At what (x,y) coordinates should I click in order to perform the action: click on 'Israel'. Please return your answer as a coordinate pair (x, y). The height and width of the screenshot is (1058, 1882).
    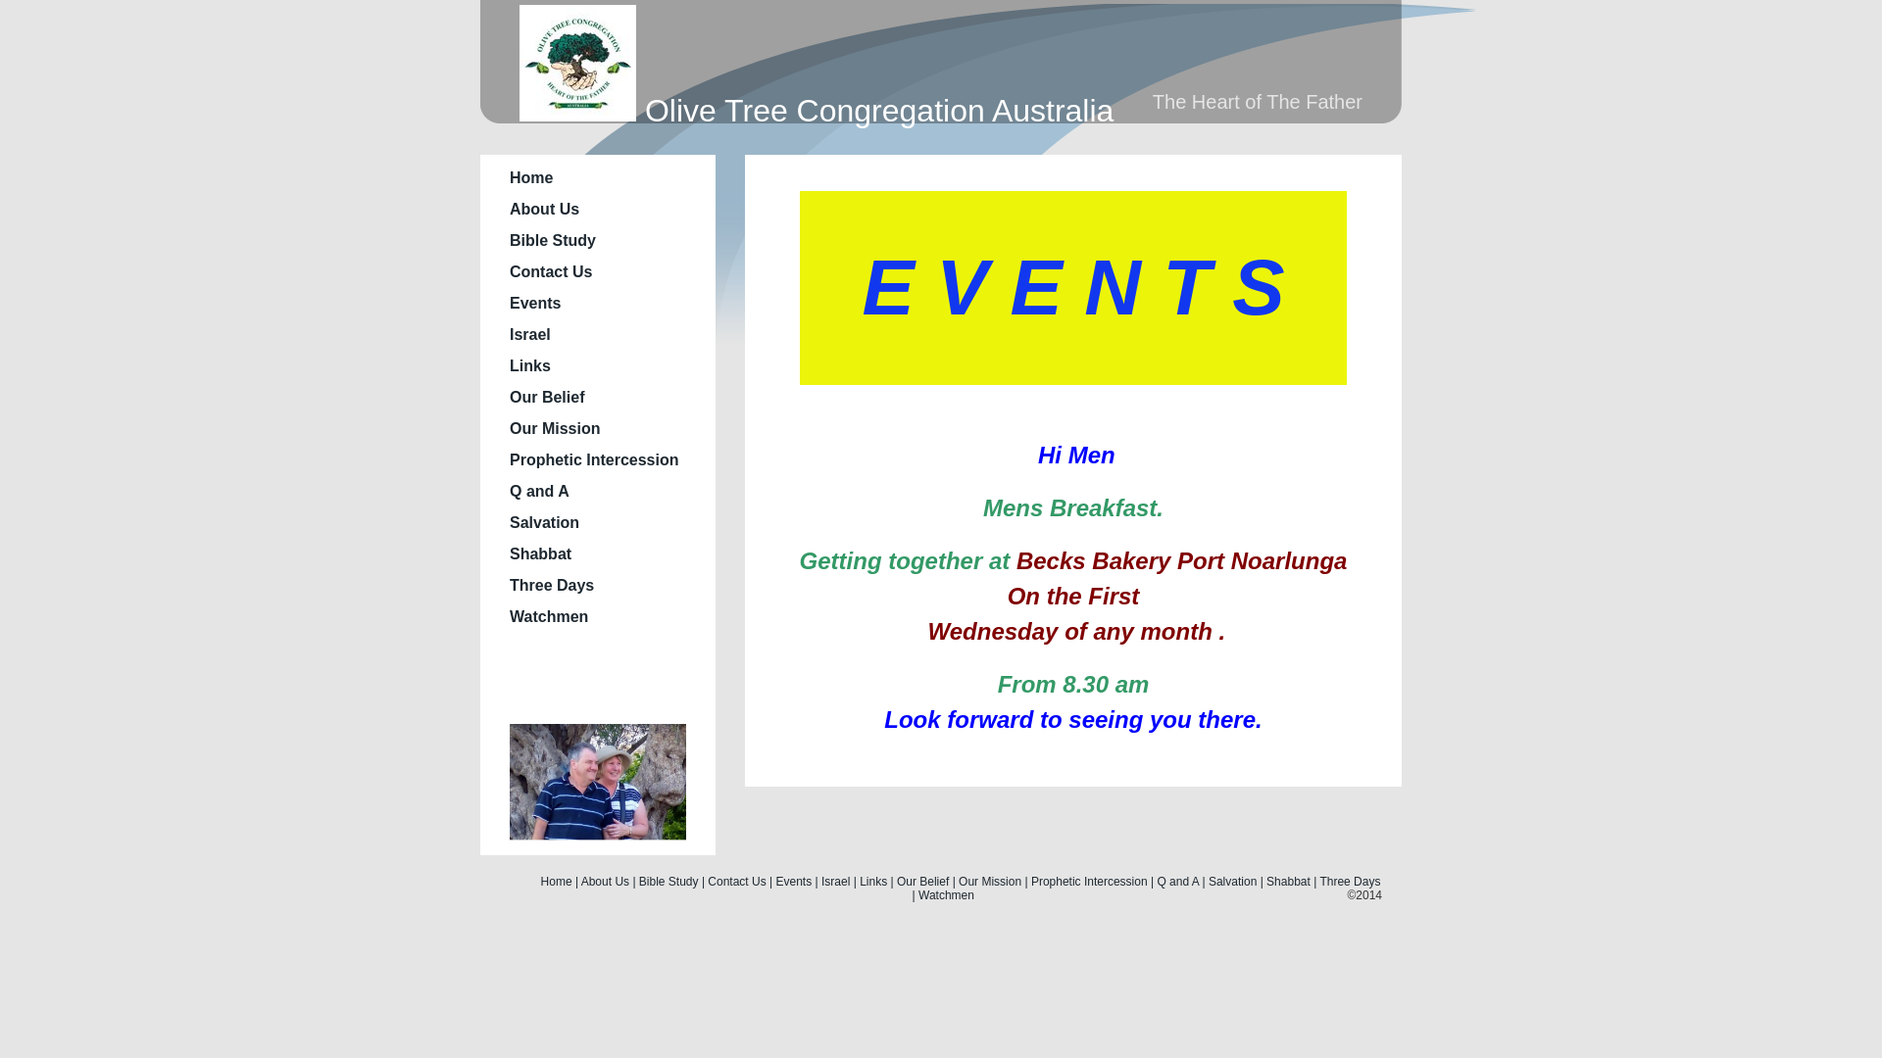
    Looking at the image, I should click on (530, 333).